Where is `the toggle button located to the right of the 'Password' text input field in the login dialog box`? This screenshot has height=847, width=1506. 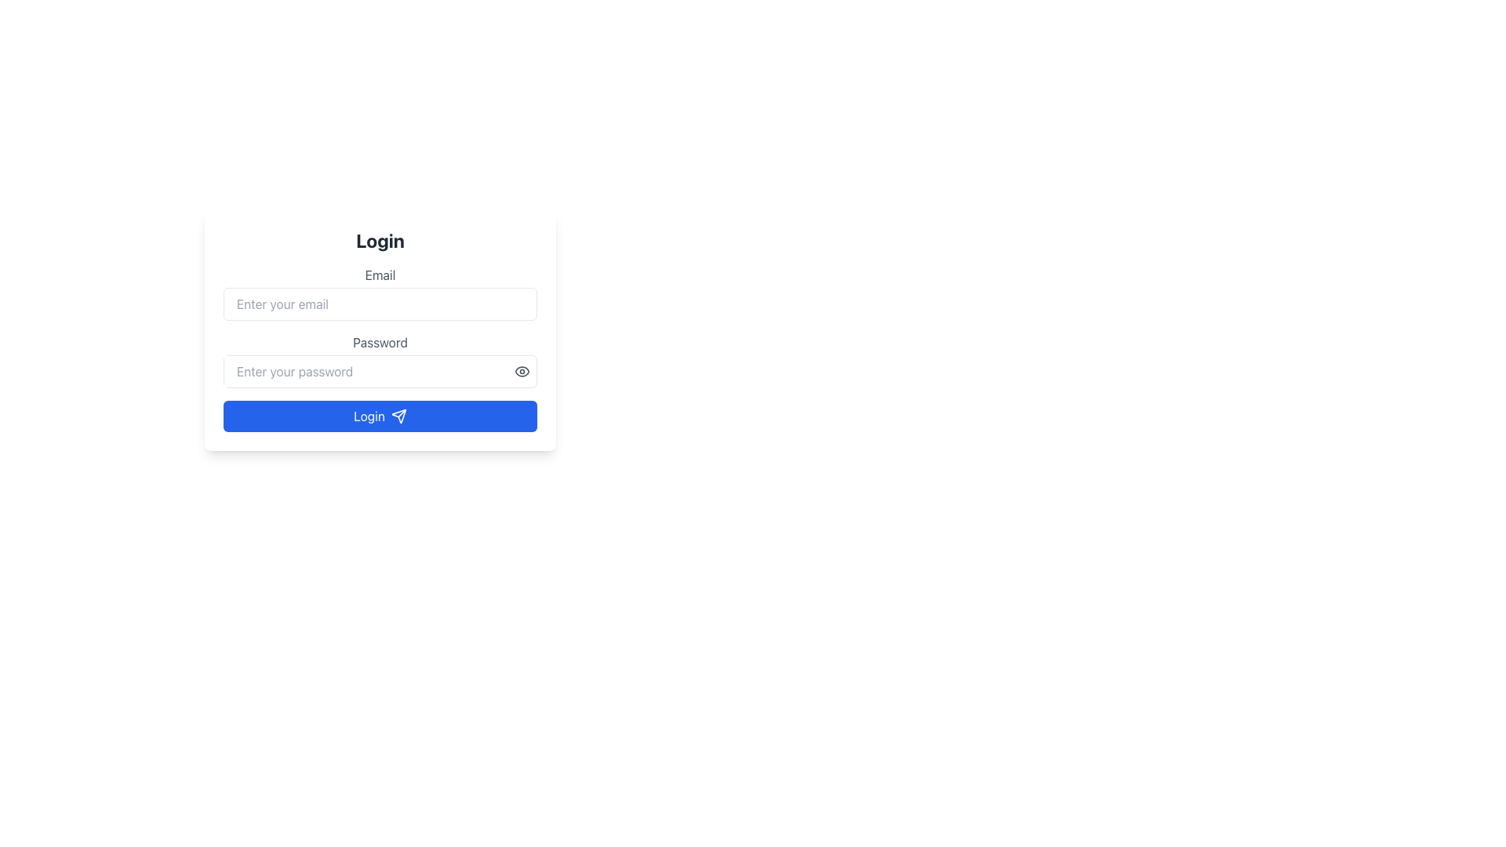 the toggle button located to the right of the 'Password' text input field in the login dialog box is located at coordinates (522, 372).